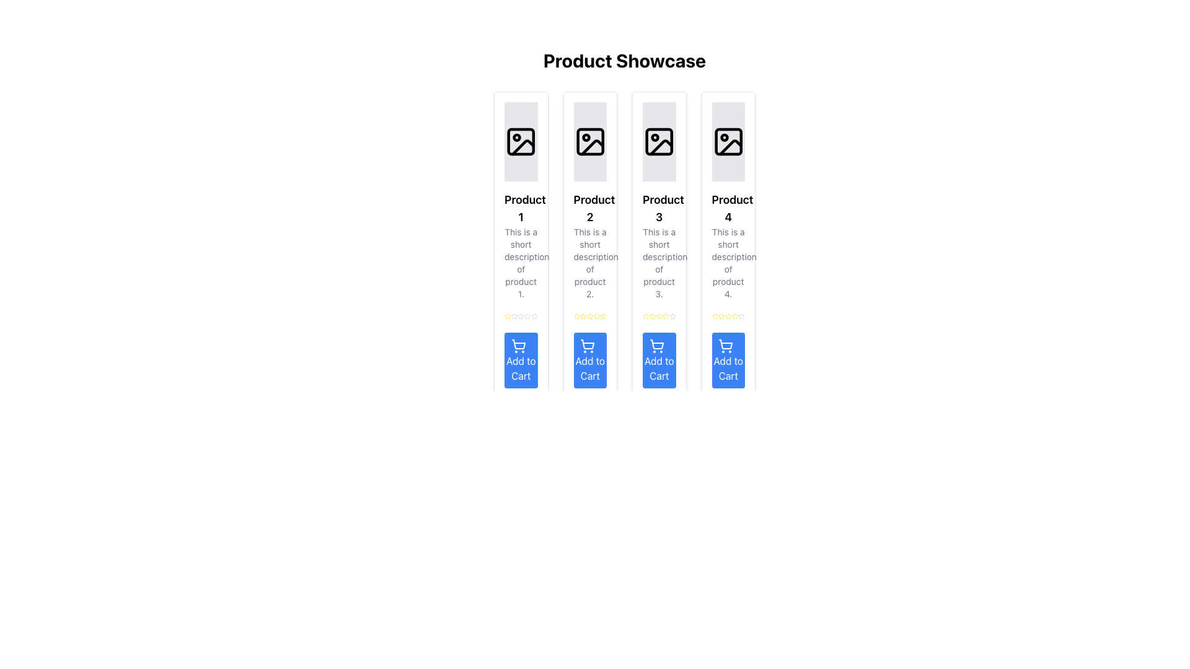 Image resolution: width=1190 pixels, height=669 pixels. Describe the element at coordinates (728, 141) in the screenshot. I see `the black rounded rectangle located in the upper-left area of the embedded image icon on the fourth product card from the left in the product showcase section` at that location.